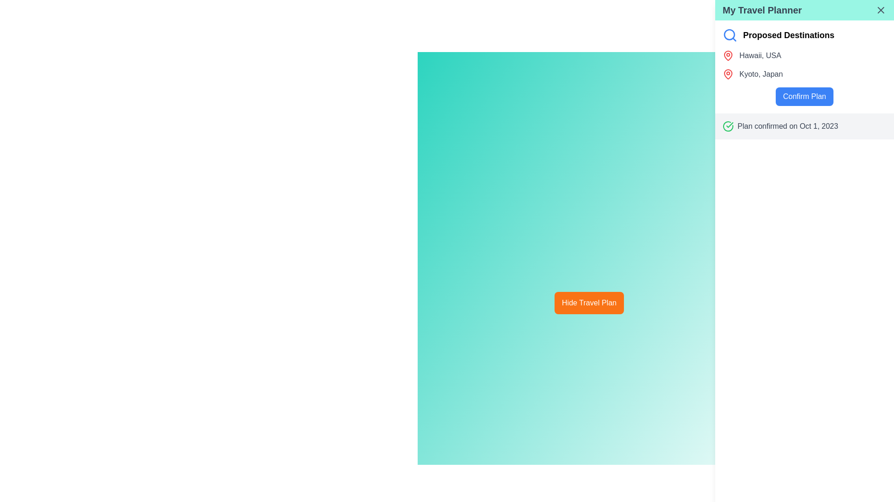  What do you see at coordinates (728, 55) in the screenshot?
I see `the icon representing the location item for 'Hawaii, USA' in the 'Proposed Destinations' list, located in the right sidebar` at bounding box center [728, 55].